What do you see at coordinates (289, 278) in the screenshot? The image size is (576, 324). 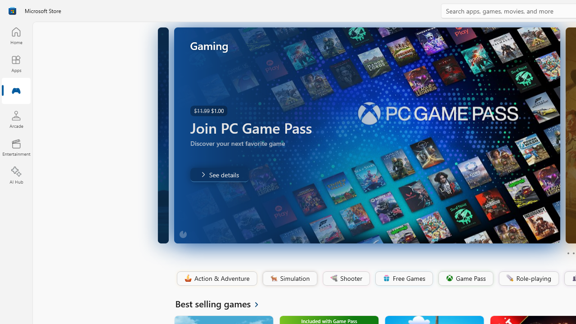 I see `'Simulation'` at bounding box center [289, 278].